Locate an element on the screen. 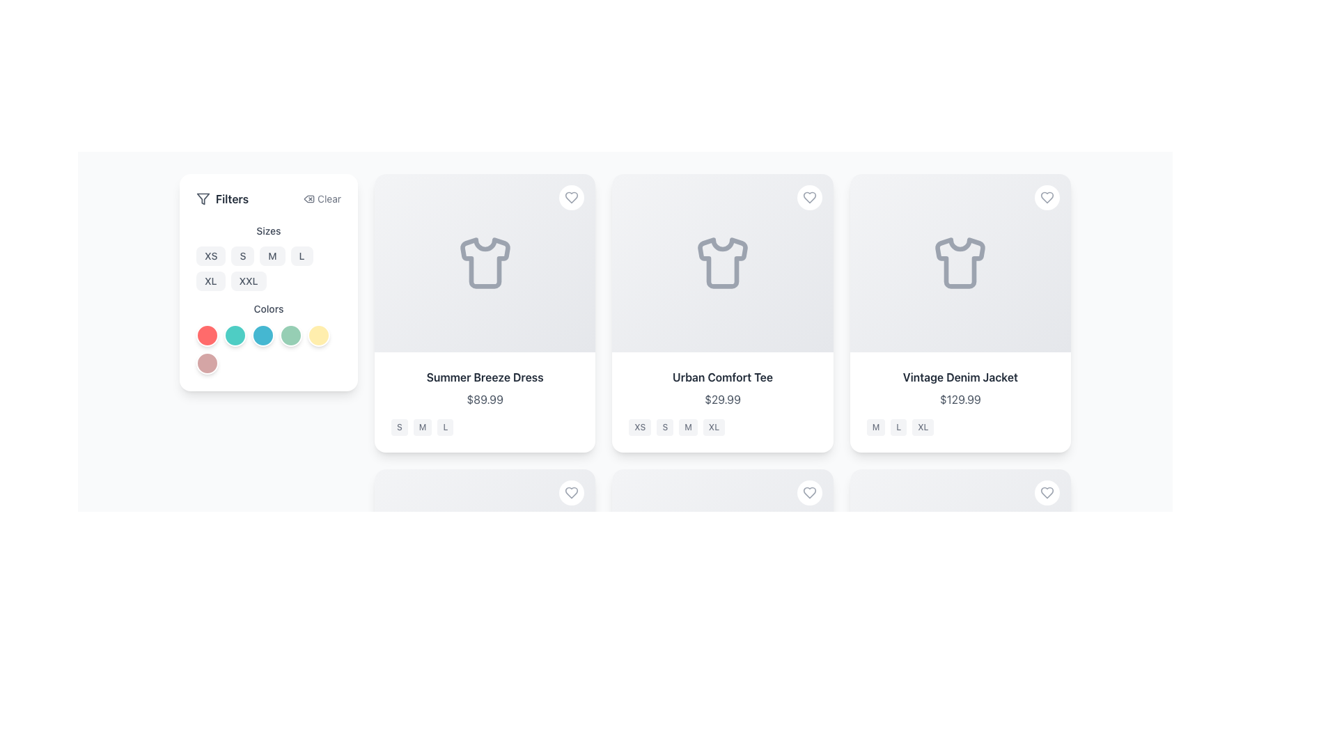 The height and width of the screenshot is (752, 1337). text content of the price display label for the product 'Summer Breeze Dress', which is located below the title and above the size options is located at coordinates (485, 400).